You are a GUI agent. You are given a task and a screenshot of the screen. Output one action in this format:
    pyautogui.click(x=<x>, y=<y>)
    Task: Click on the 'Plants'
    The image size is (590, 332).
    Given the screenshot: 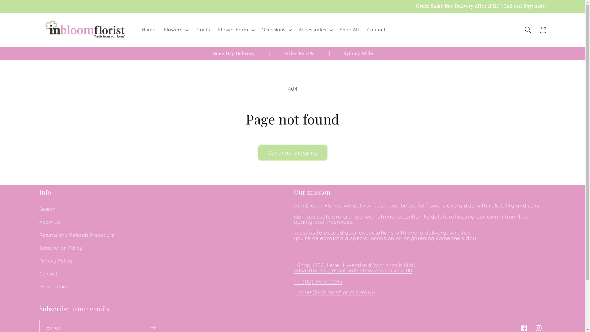 What is the action you would take?
    pyautogui.click(x=191, y=30)
    